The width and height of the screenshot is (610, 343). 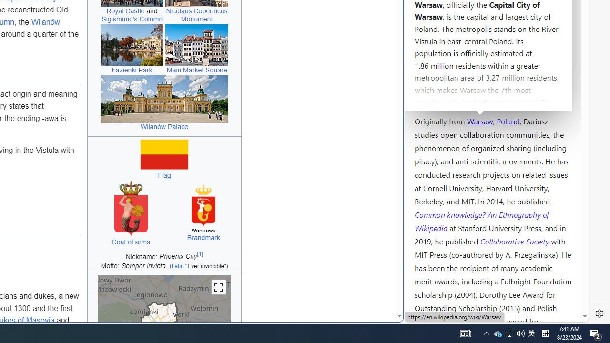 I want to click on 'Main Market Square', so click(x=196, y=45).